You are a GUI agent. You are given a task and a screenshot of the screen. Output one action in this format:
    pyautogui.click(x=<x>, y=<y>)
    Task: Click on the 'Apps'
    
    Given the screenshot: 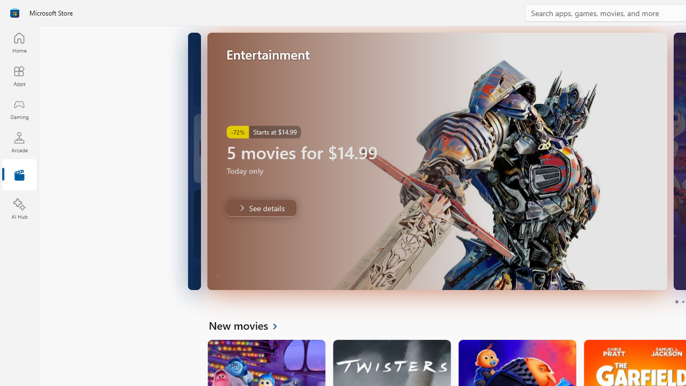 What is the action you would take?
    pyautogui.click(x=19, y=75)
    